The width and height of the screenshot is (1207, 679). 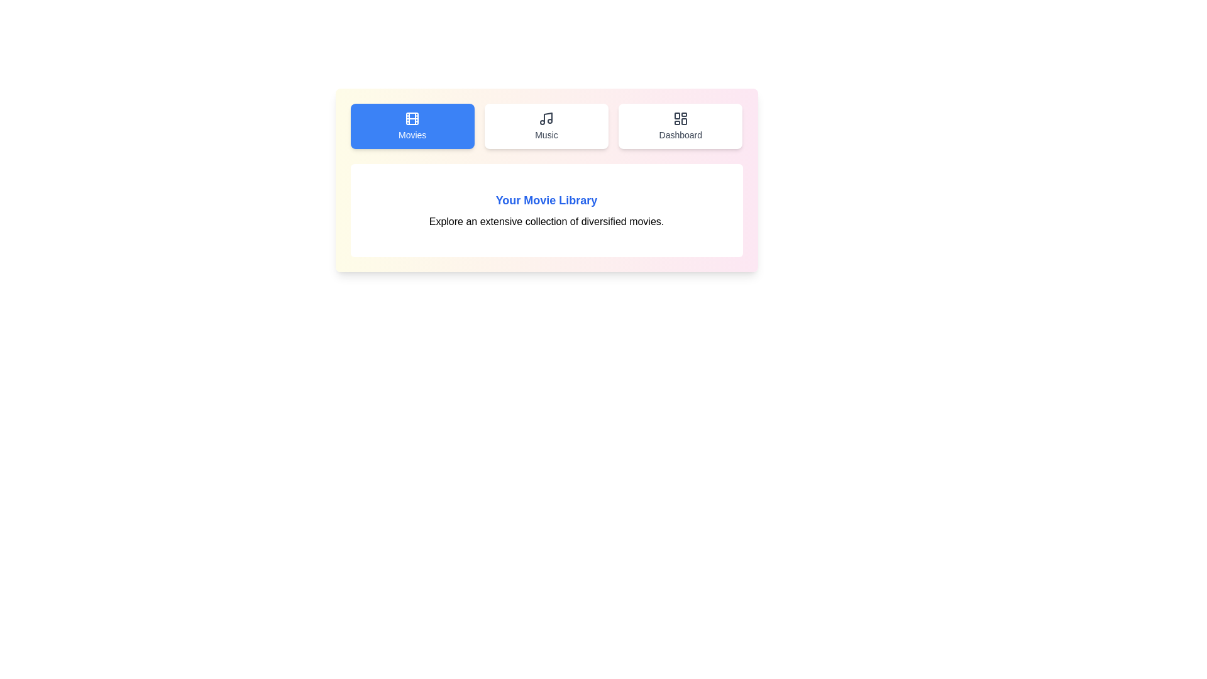 What do you see at coordinates (680, 126) in the screenshot?
I see `the Dashboard tab by clicking on its button` at bounding box center [680, 126].